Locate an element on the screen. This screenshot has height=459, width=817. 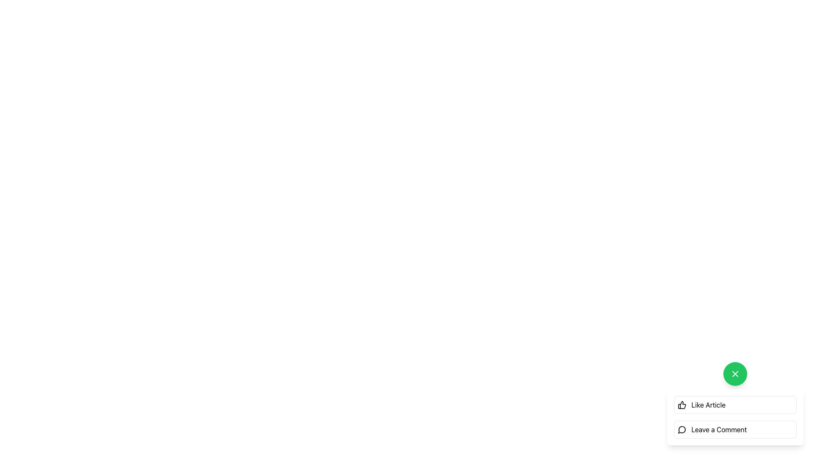
the close button located at the top-right corner of the panel is located at coordinates (735, 373).